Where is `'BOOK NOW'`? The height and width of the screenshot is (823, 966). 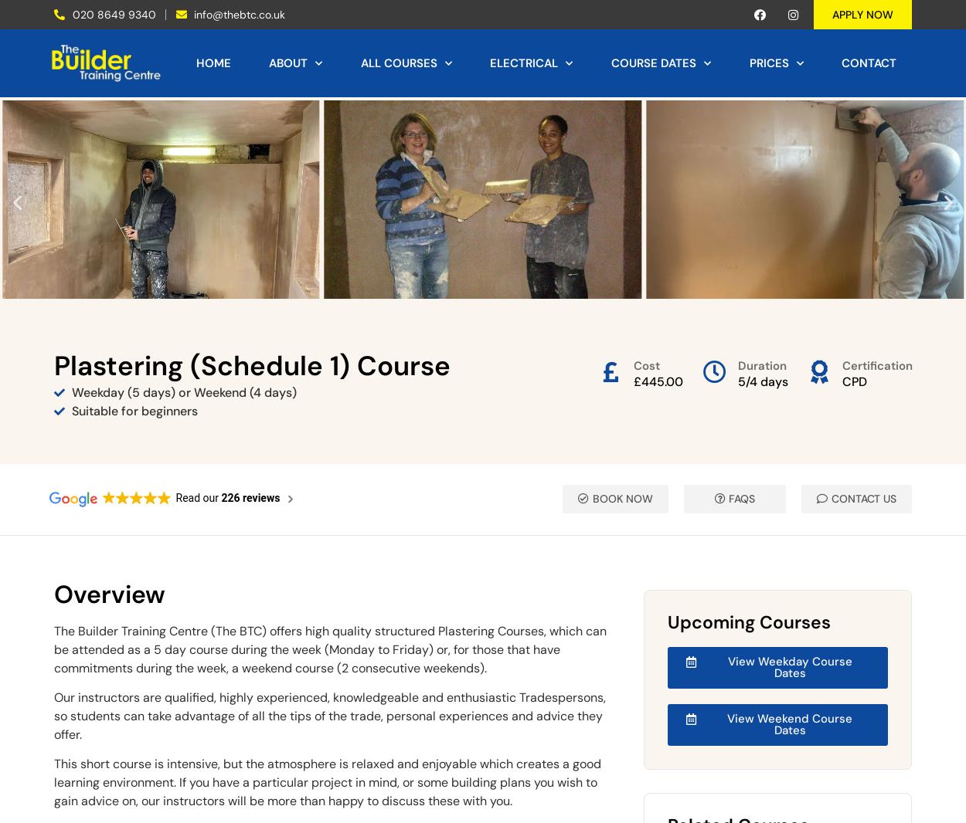 'BOOK NOW' is located at coordinates (622, 497).